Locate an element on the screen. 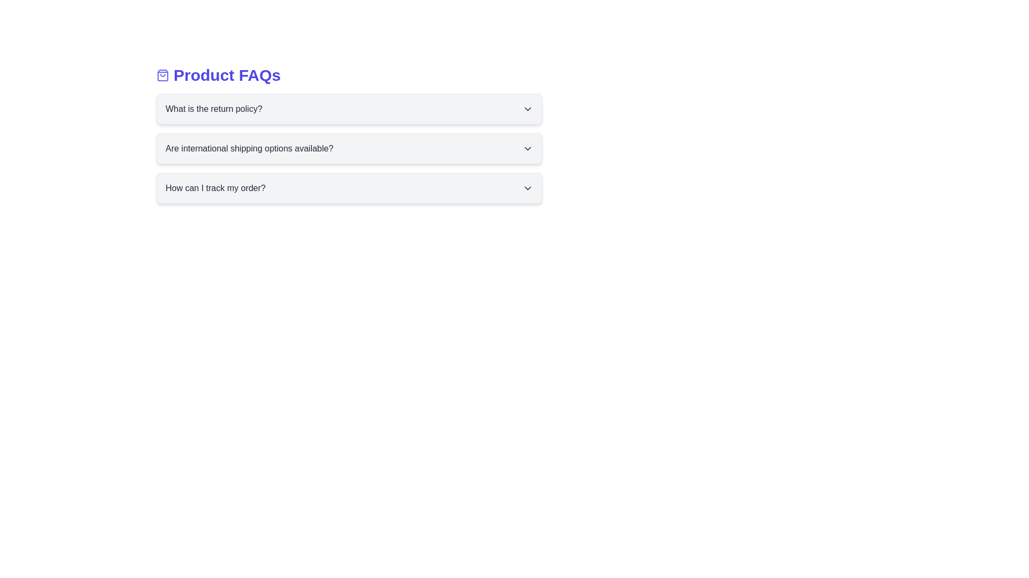 This screenshot has height=578, width=1029. the third entry of the Collapsible FAQ section for keyboard interaction is located at coordinates (349, 187).